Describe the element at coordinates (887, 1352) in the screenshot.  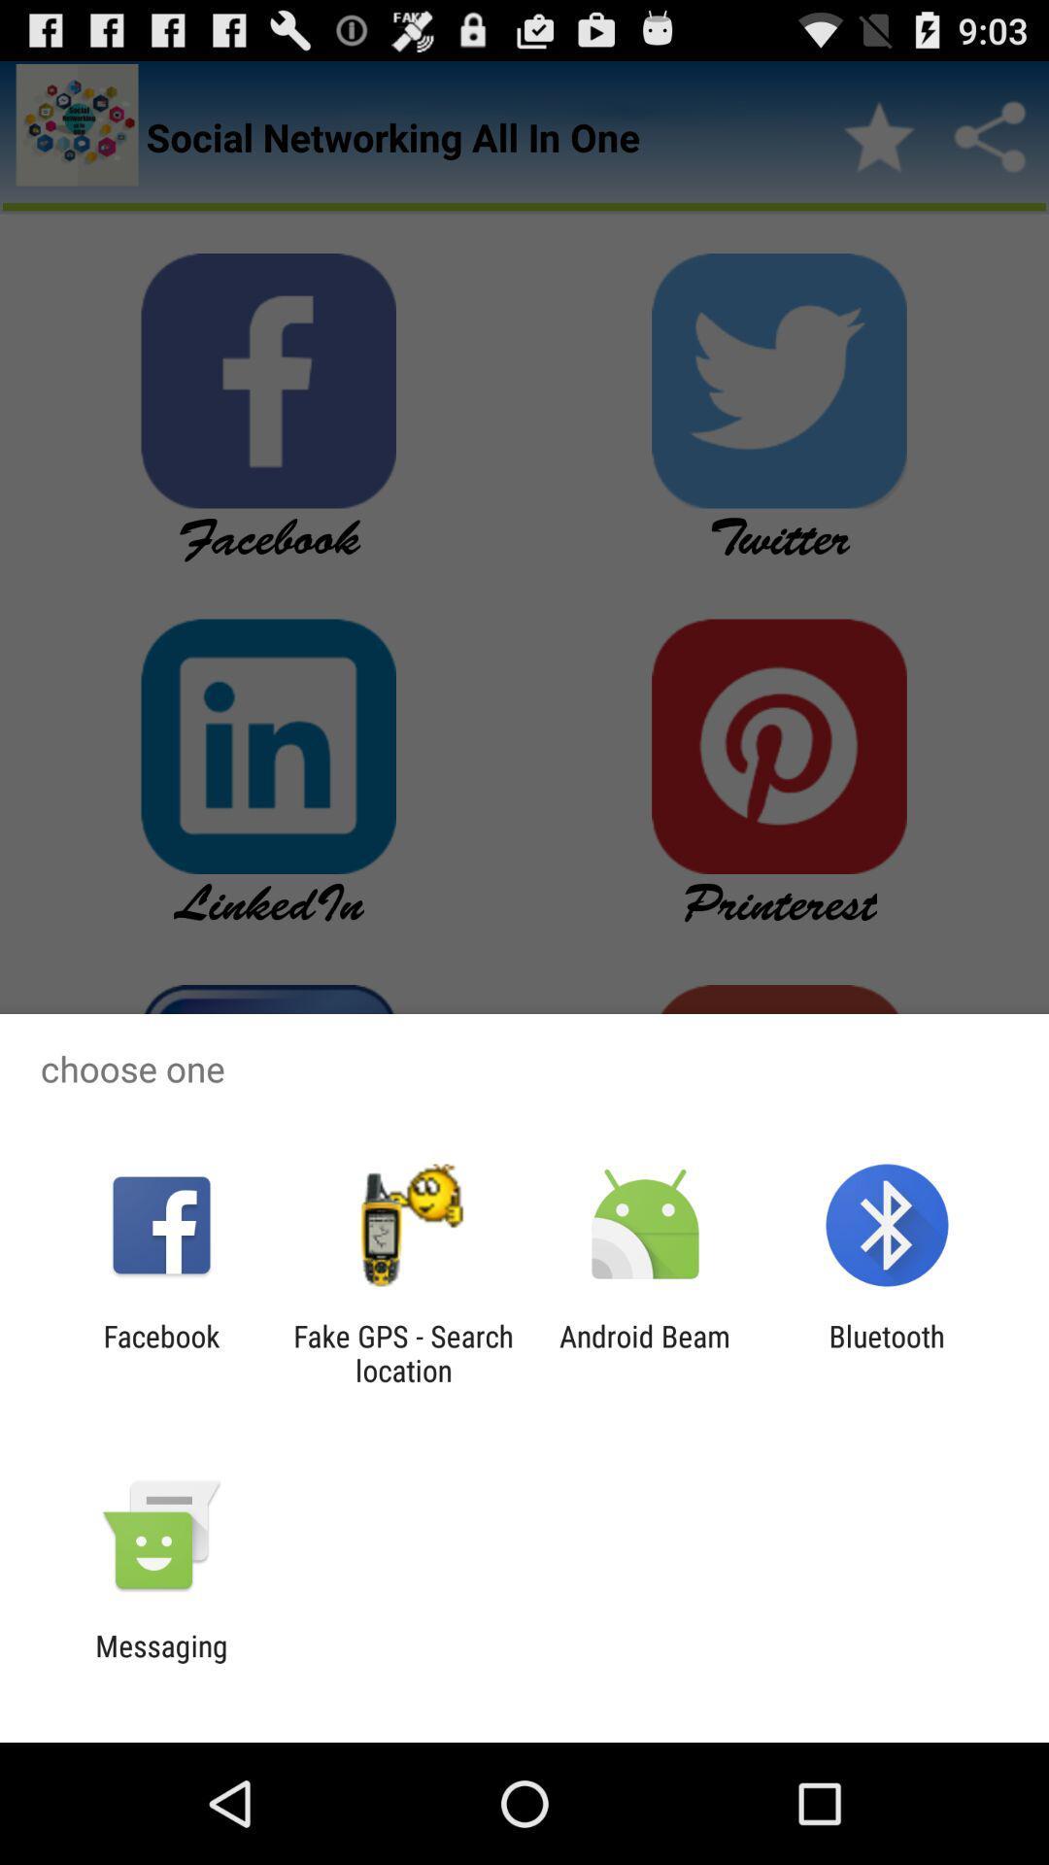
I see `the icon next to android beam item` at that location.